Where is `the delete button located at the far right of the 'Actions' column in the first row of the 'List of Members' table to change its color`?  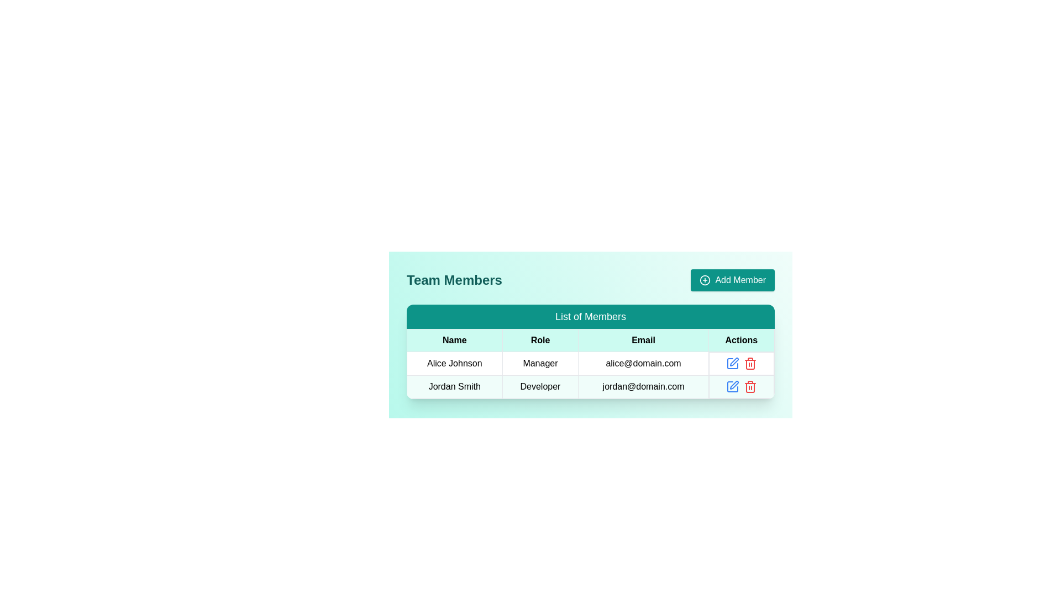
the delete button located at the far right of the 'Actions' column in the first row of the 'List of Members' table to change its color is located at coordinates (750, 364).